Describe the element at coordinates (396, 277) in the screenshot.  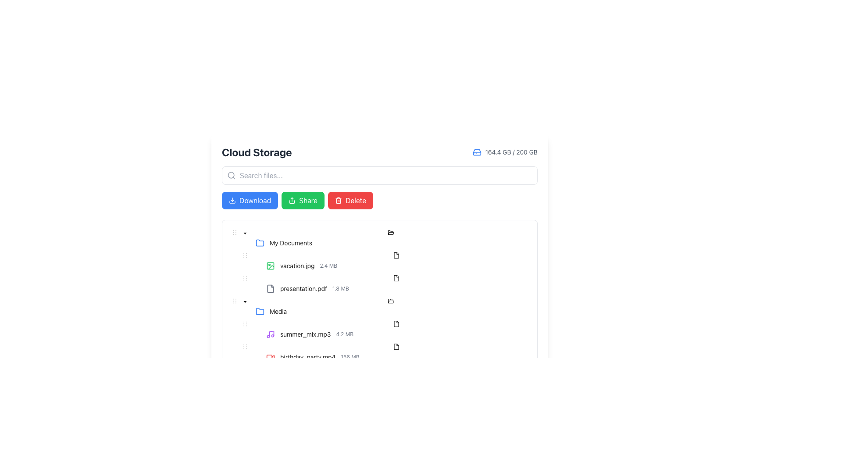
I see `the file type icon located in the file list section next to the text labeled 'presentation.pdf'` at that location.